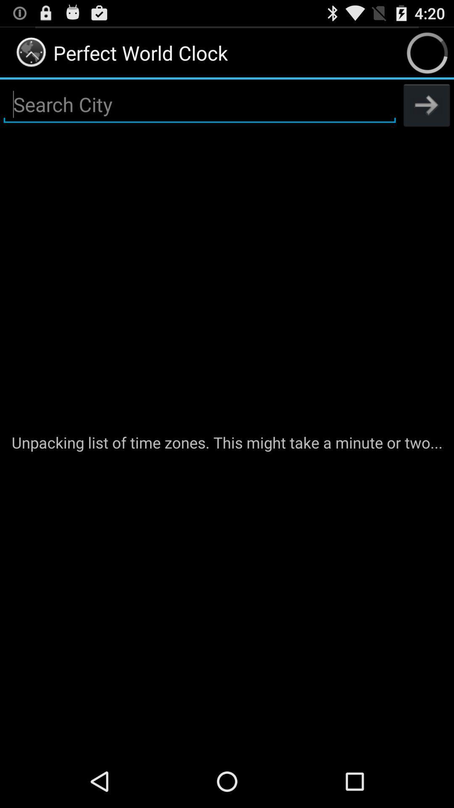 The height and width of the screenshot is (808, 454). What do you see at coordinates (427, 112) in the screenshot?
I see `the arrow_forward icon` at bounding box center [427, 112].